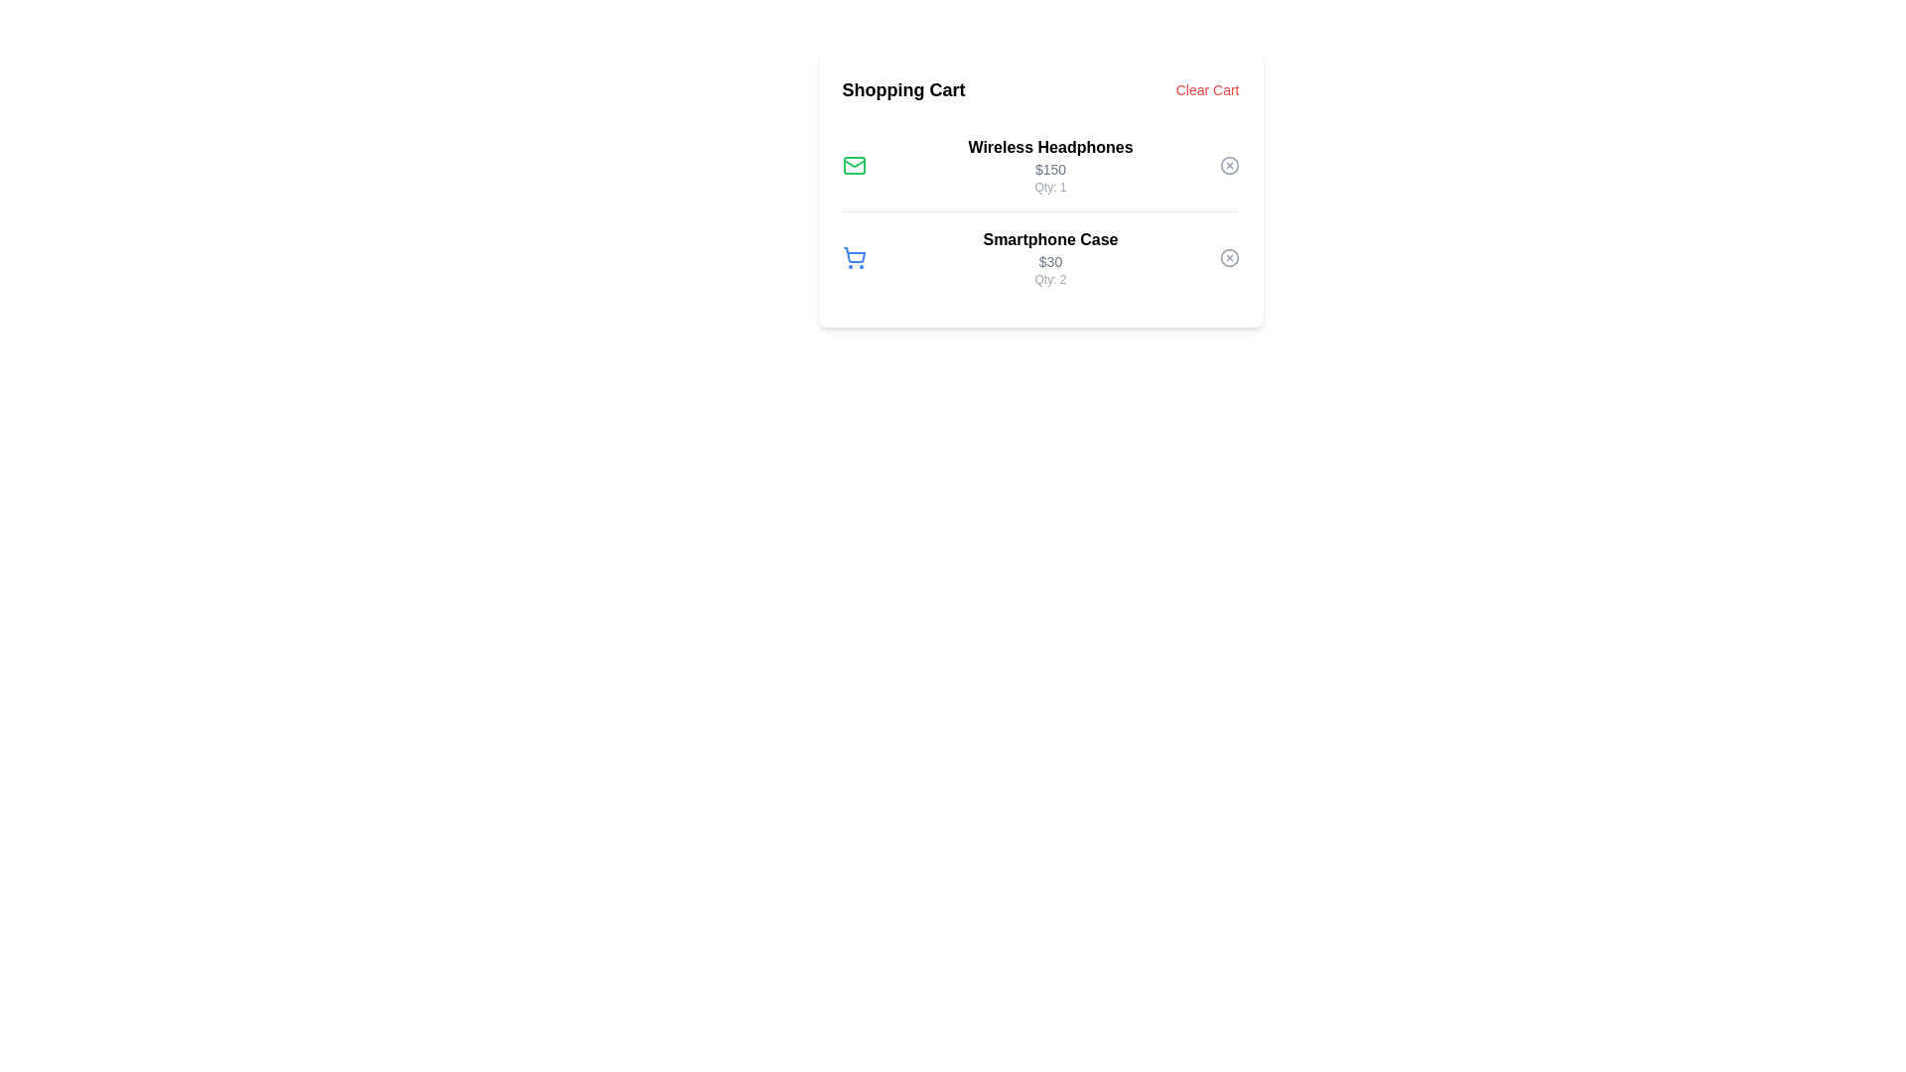  What do you see at coordinates (1049, 168) in the screenshot?
I see `the static text label displaying the price '$150', which is positioned centrally below the product title 'Wireless Headphones' and above the 'Qty: 1' text in the shopping cart interface` at bounding box center [1049, 168].